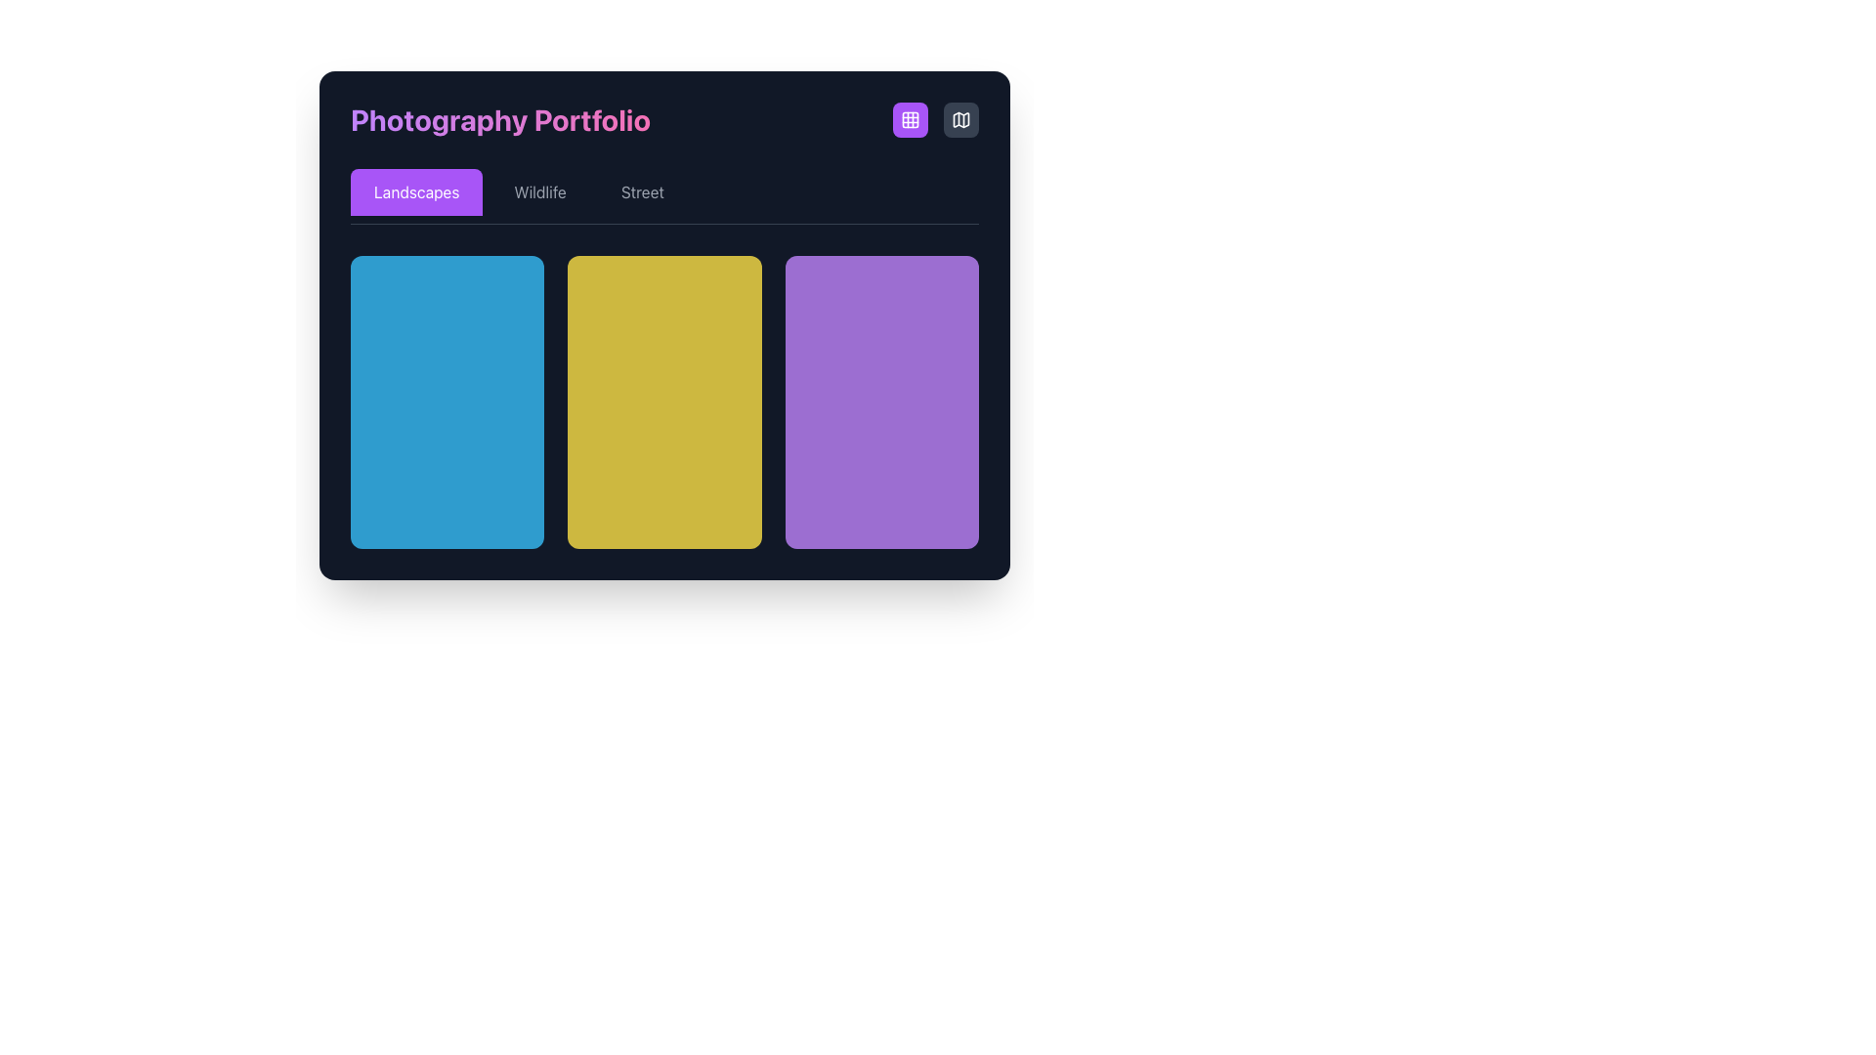 The width and height of the screenshot is (1876, 1055). I want to click on the 'Street' button, which is the third navigation tab used to filter content related to 'Street', so click(642, 191).